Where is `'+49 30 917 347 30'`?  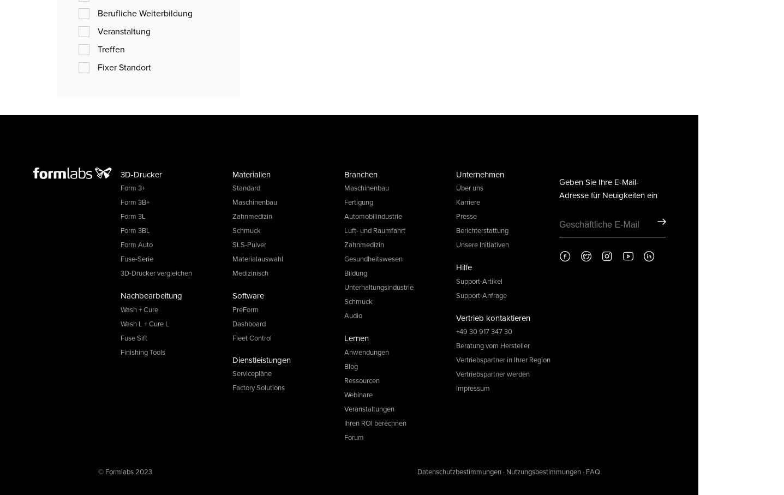
'+49 30 917 347 30' is located at coordinates (484, 331).